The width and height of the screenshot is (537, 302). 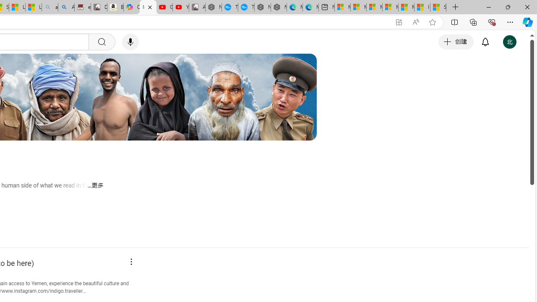 I want to click on 'amazon - Search - Sleeping', so click(x=50, y=7).